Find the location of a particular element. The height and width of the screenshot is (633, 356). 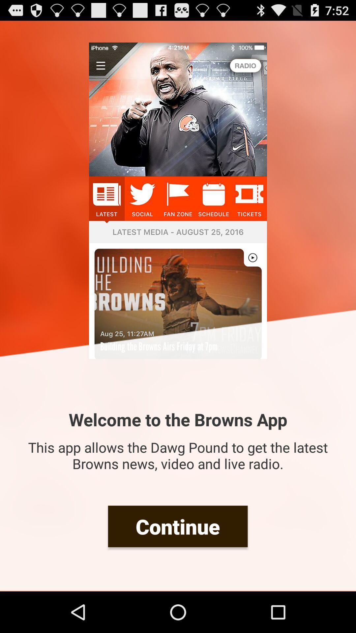

continue item is located at coordinates (177, 526).